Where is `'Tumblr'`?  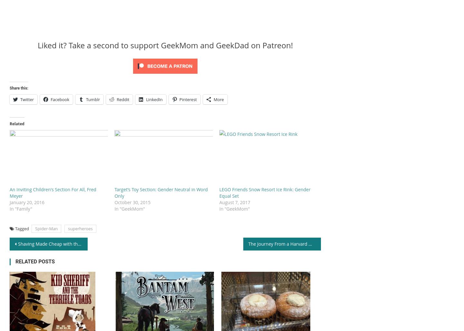 'Tumblr' is located at coordinates (85, 99).